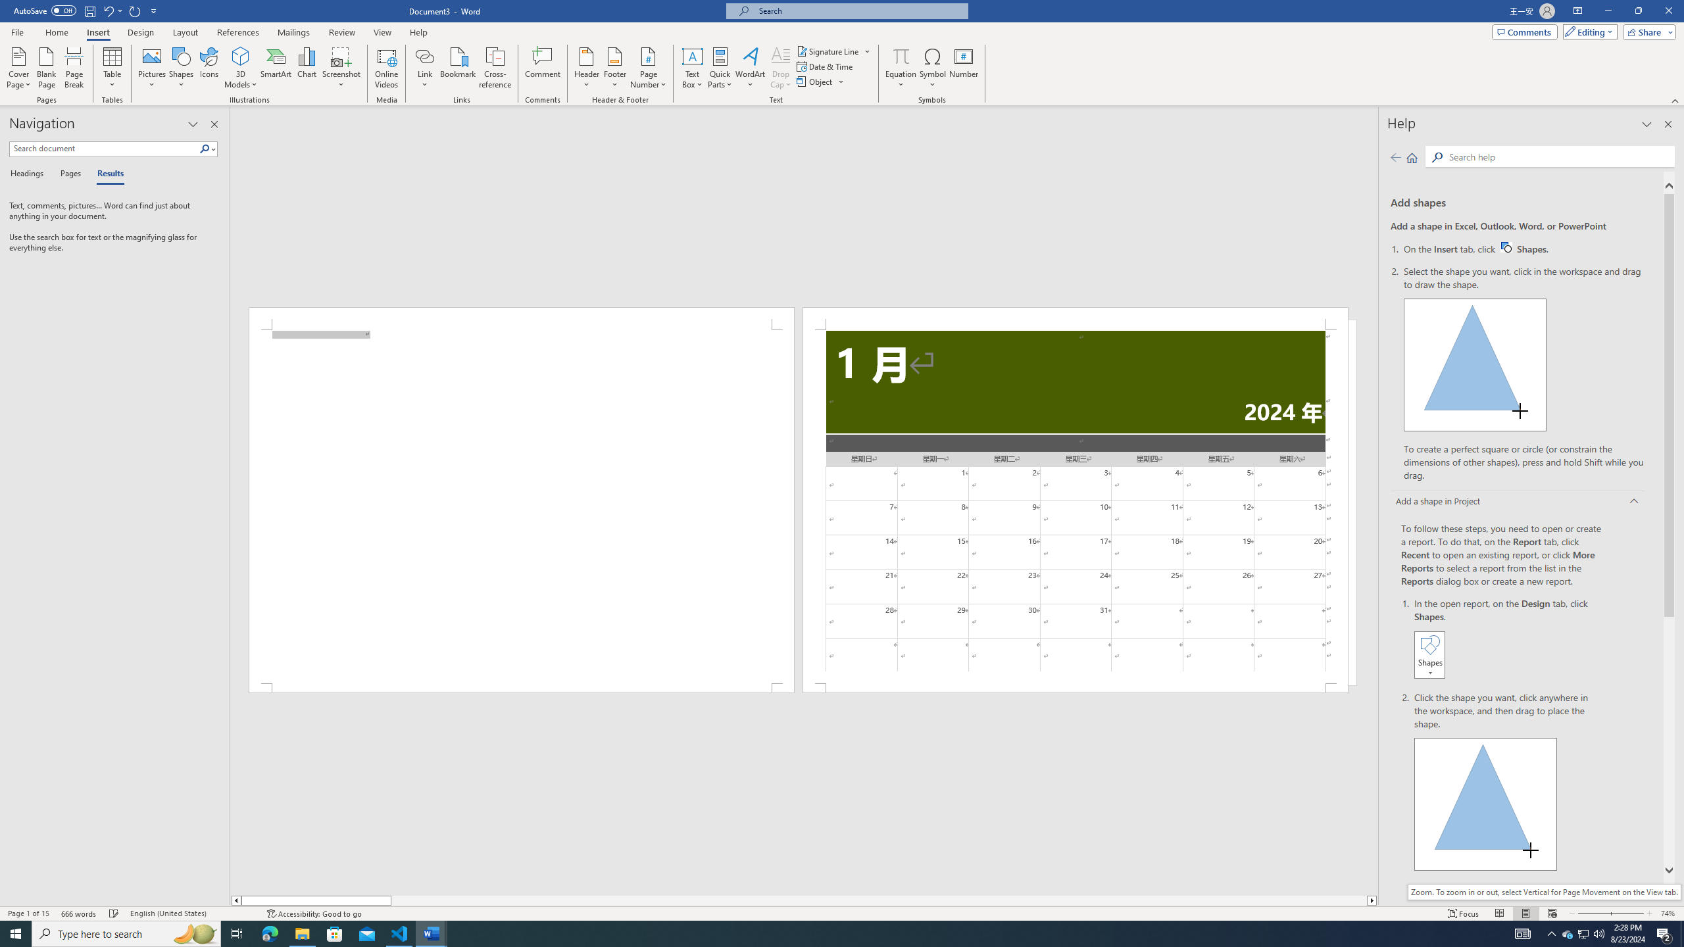  What do you see at coordinates (587, 68) in the screenshot?
I see `'Header'` at bounding box center [587, 68].